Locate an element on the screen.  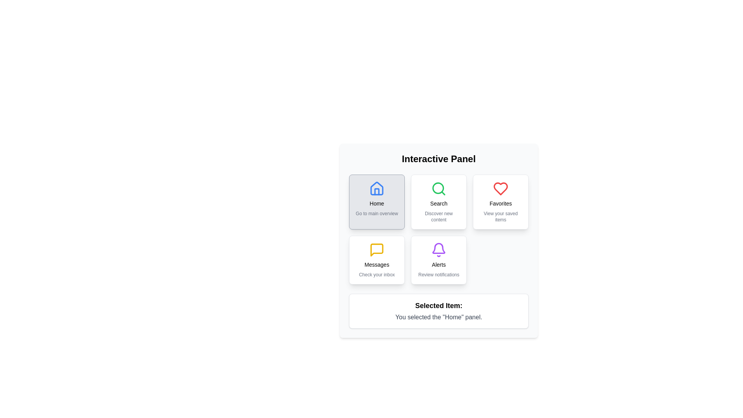
the heart icon in the 'Favorites' section is located at coordinates (501, 189).